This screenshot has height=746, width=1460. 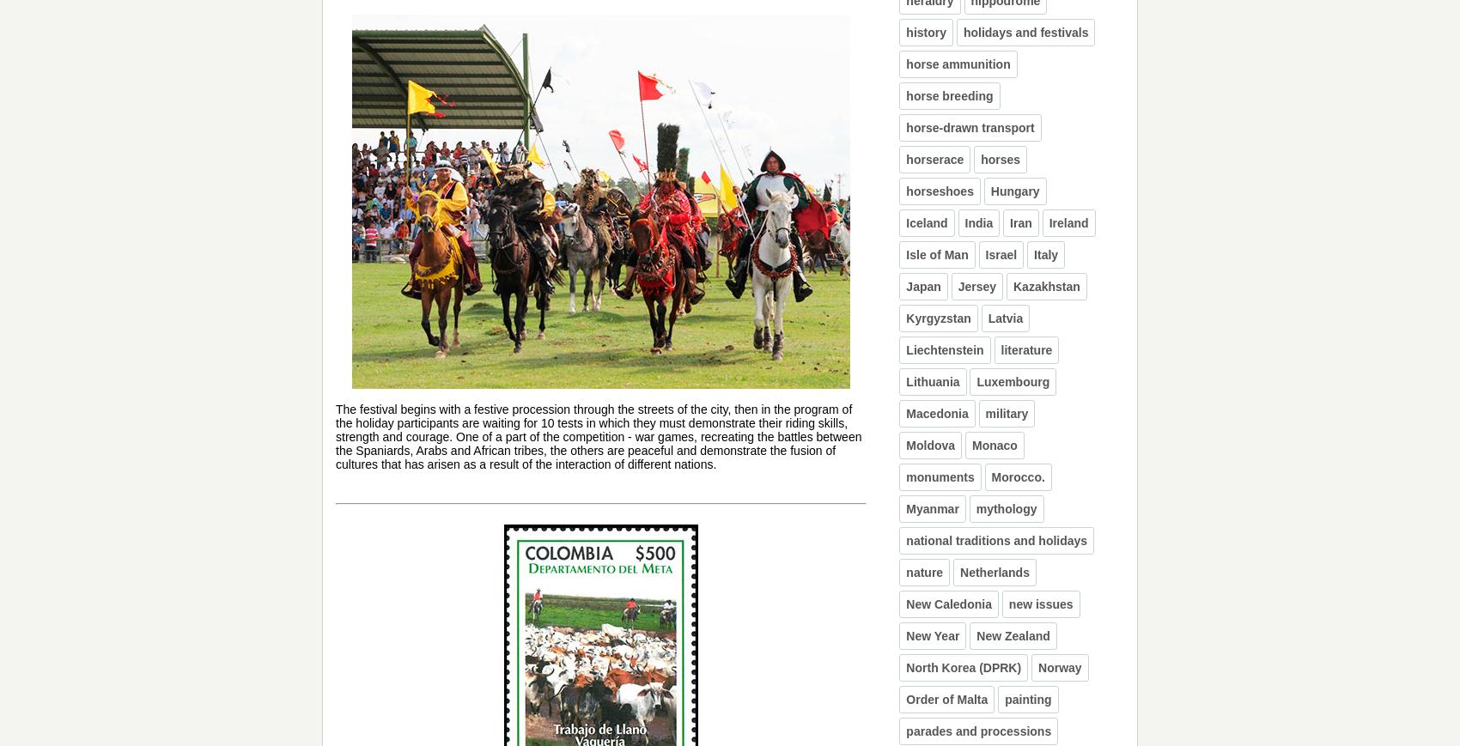 I want to click on 'New Zealand', so click(x=1012, y=635).